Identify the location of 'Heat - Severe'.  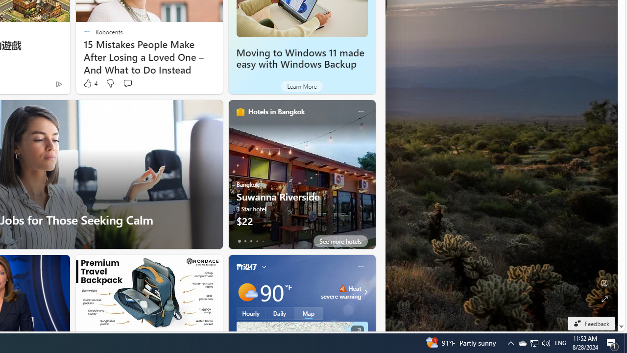
(342, 288).